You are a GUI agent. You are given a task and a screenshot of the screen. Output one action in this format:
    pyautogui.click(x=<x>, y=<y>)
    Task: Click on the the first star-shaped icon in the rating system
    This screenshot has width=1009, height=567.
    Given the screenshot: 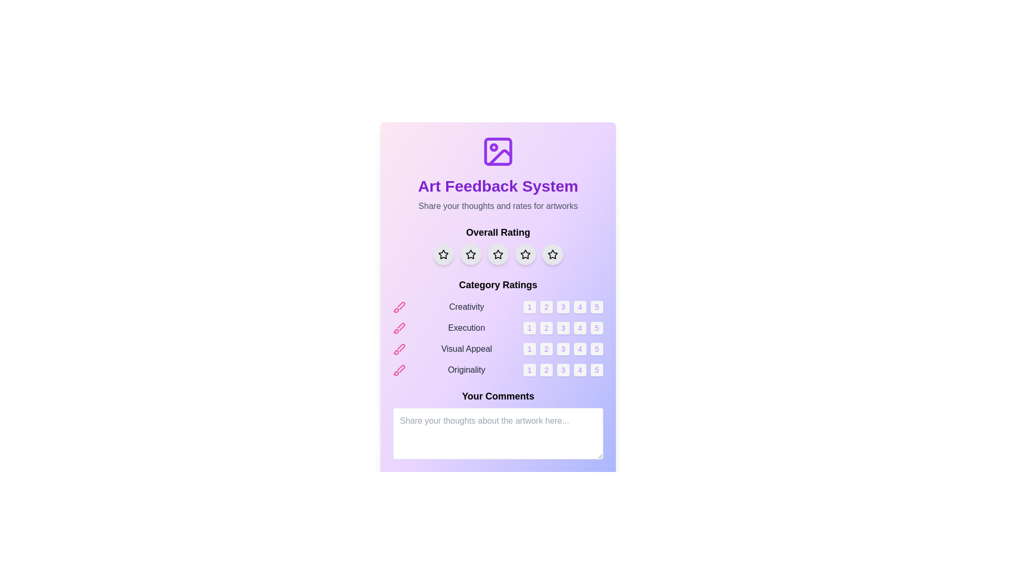 What is the action you would take?
    pyautogui.click(x=444, y=254)
    